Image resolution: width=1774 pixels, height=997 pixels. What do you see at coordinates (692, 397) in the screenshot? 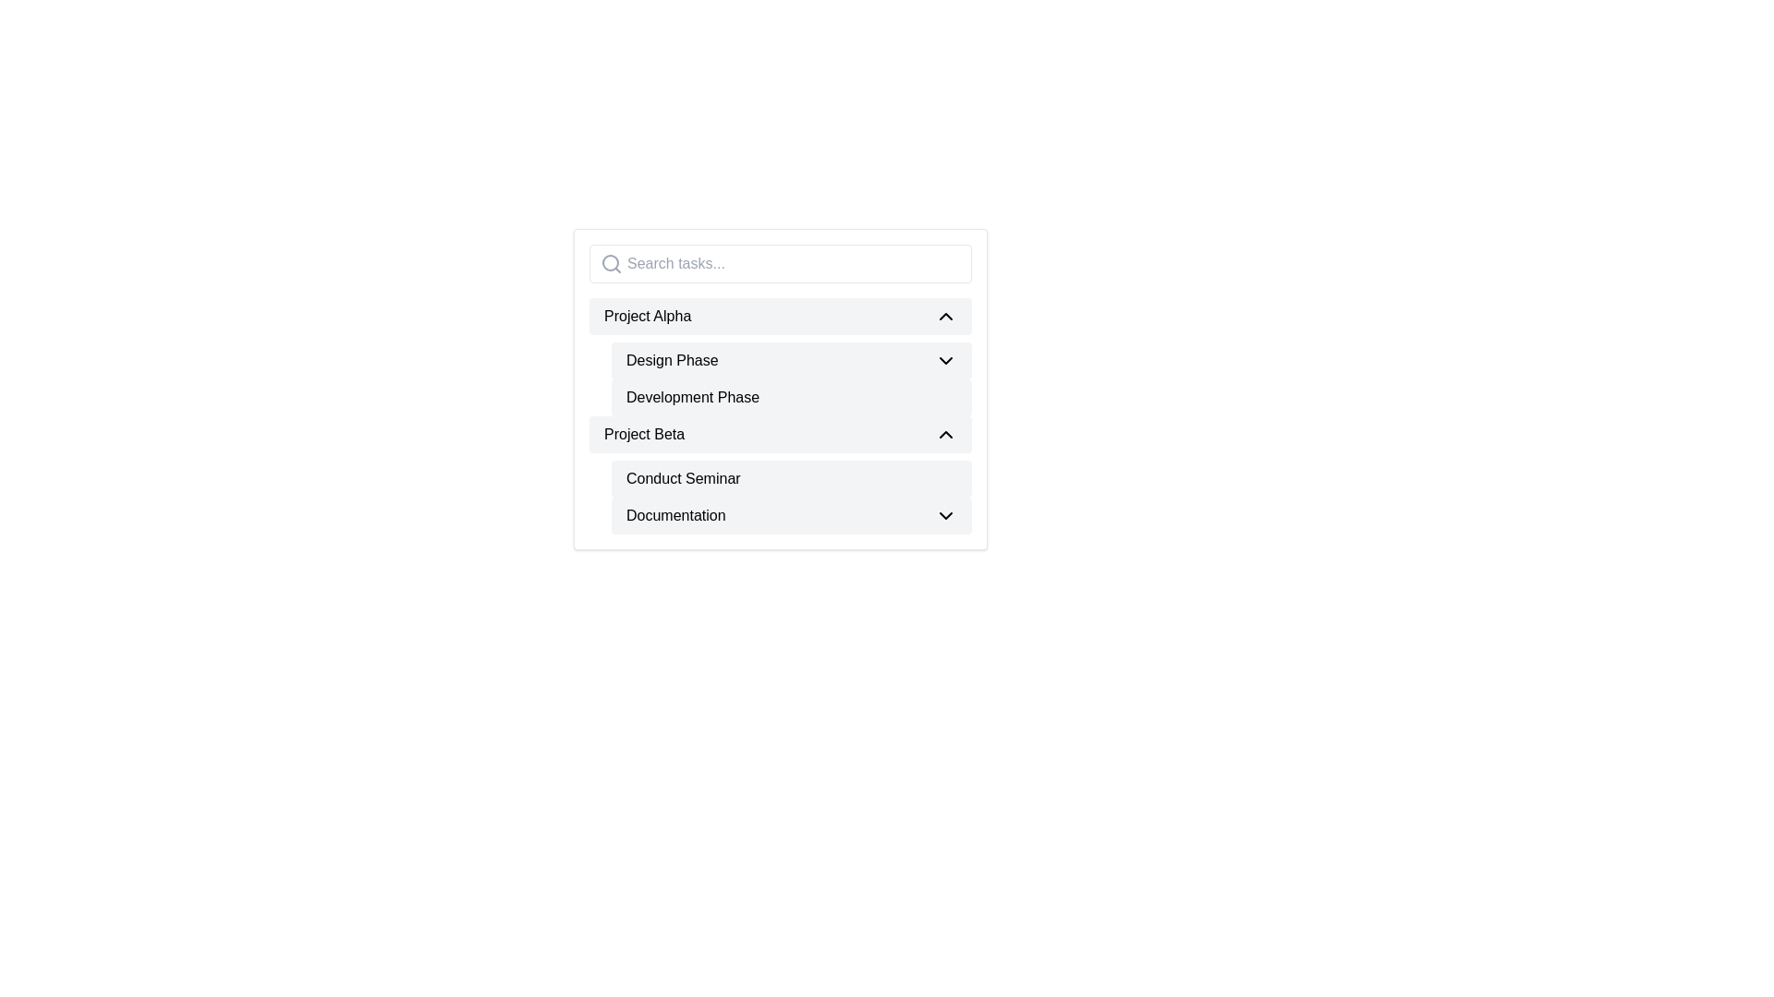
I see `the static text label that serves as the title for the second phase under 'Design Phase' in the 'Project Alpha' outline` at bounding box center [692, 397].